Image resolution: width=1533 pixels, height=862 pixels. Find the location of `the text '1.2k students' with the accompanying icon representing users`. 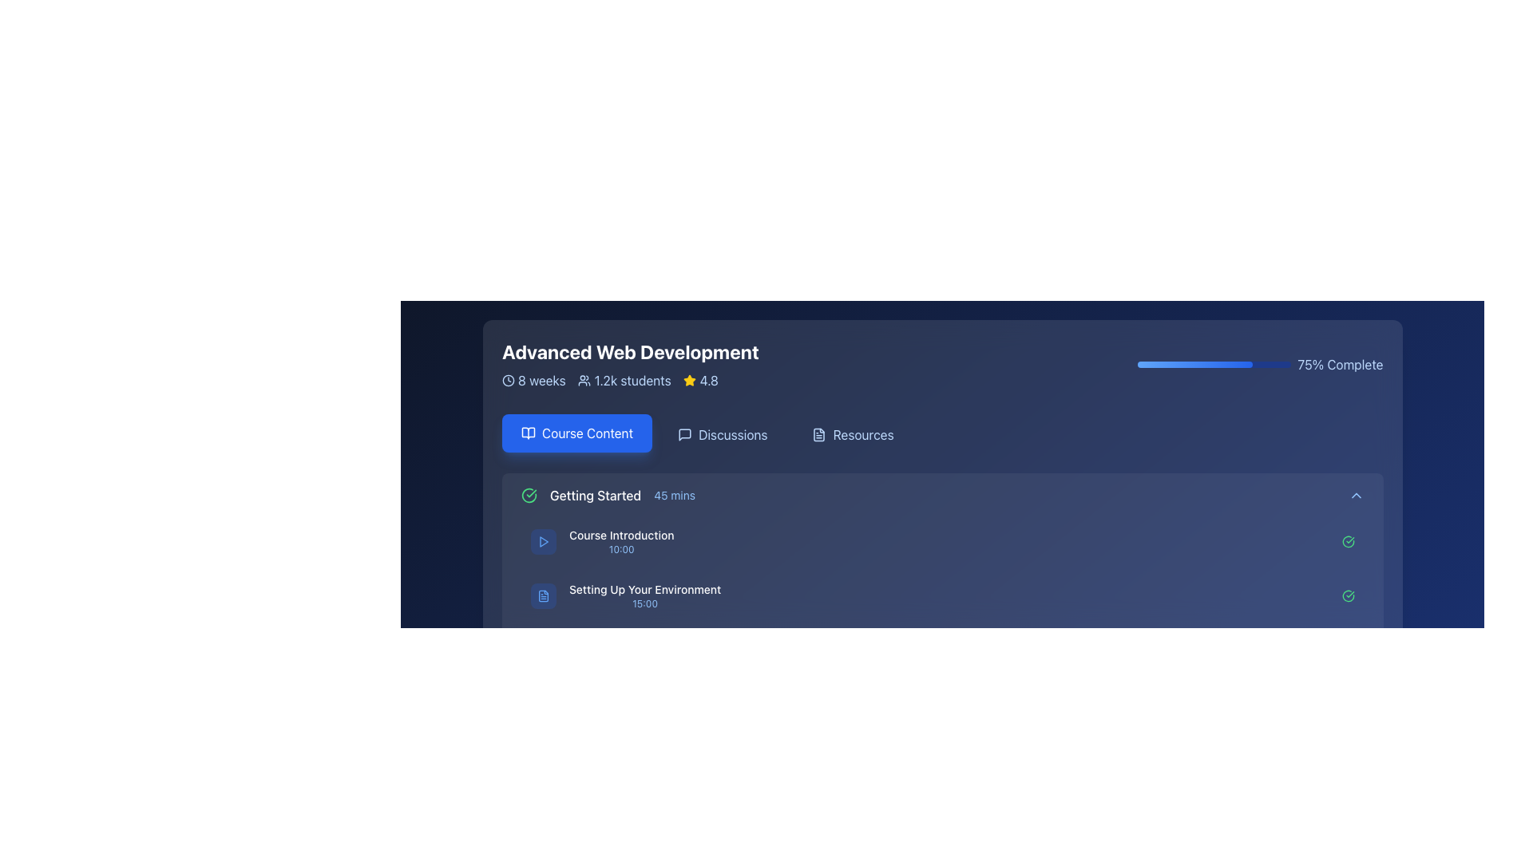

the text '1.2k students' with the accompanying icon representing users is located at coordinates (624, 381).